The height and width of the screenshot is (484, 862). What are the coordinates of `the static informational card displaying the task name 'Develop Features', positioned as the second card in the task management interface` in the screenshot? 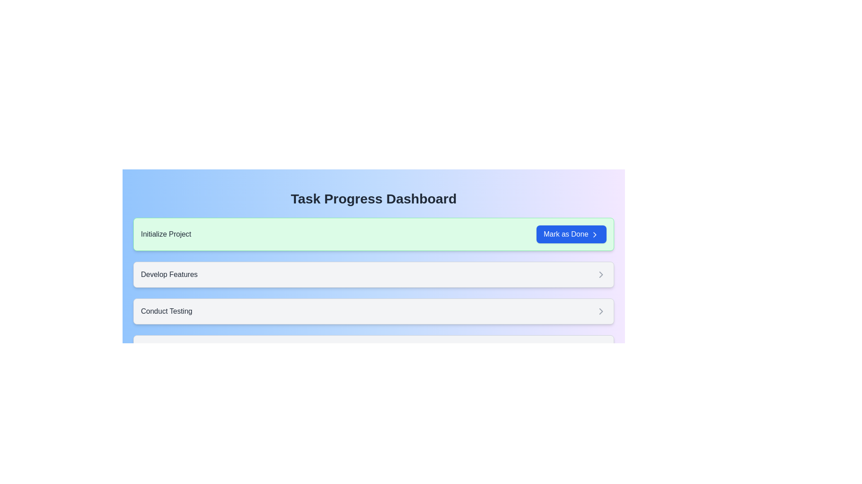 It's located at (374, 274).